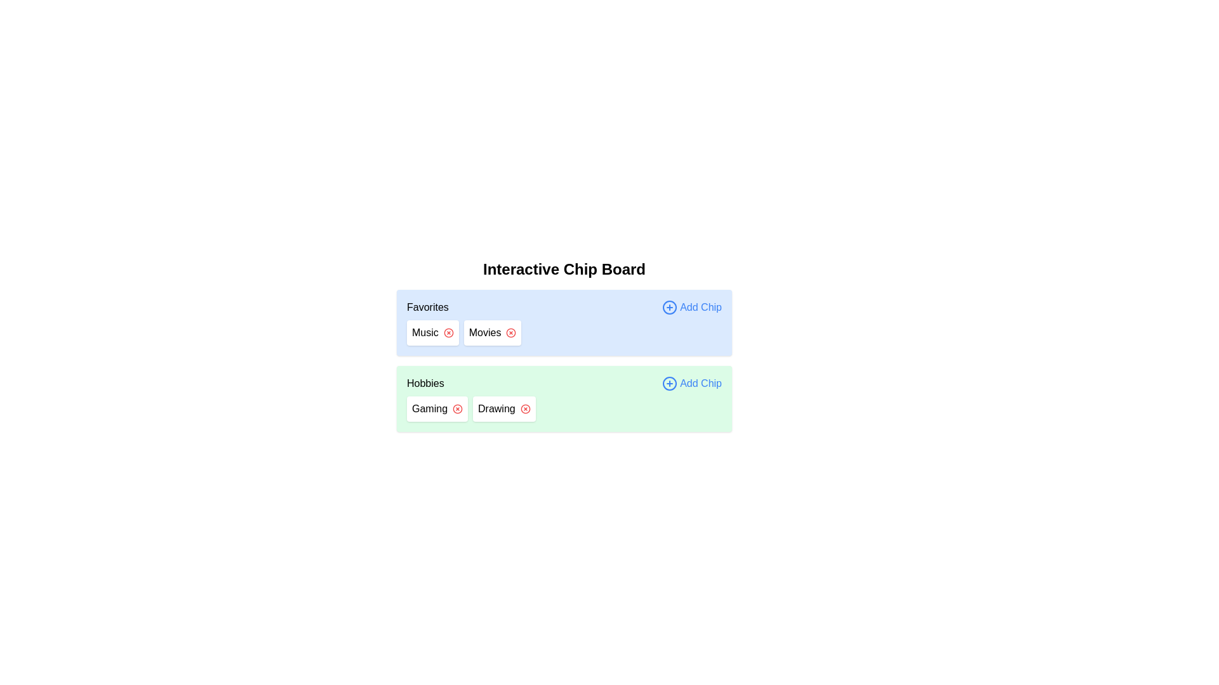 Image resolution: width=1219 pixels, height=685 pixels. What do you see at coordinates (457, 408) in the screenshot?
I see `'Remove' icon on the chip labeled Gaming` at bounding box center [457, 408].